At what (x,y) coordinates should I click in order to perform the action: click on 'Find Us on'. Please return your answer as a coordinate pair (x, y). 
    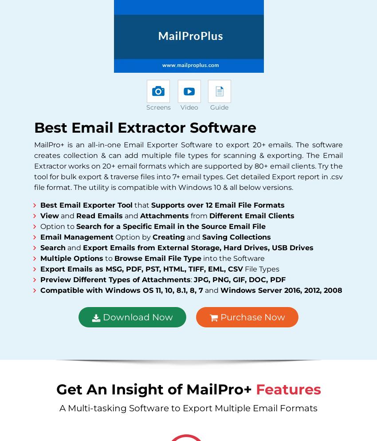
    Looking at the image, I should click on (59, 358).